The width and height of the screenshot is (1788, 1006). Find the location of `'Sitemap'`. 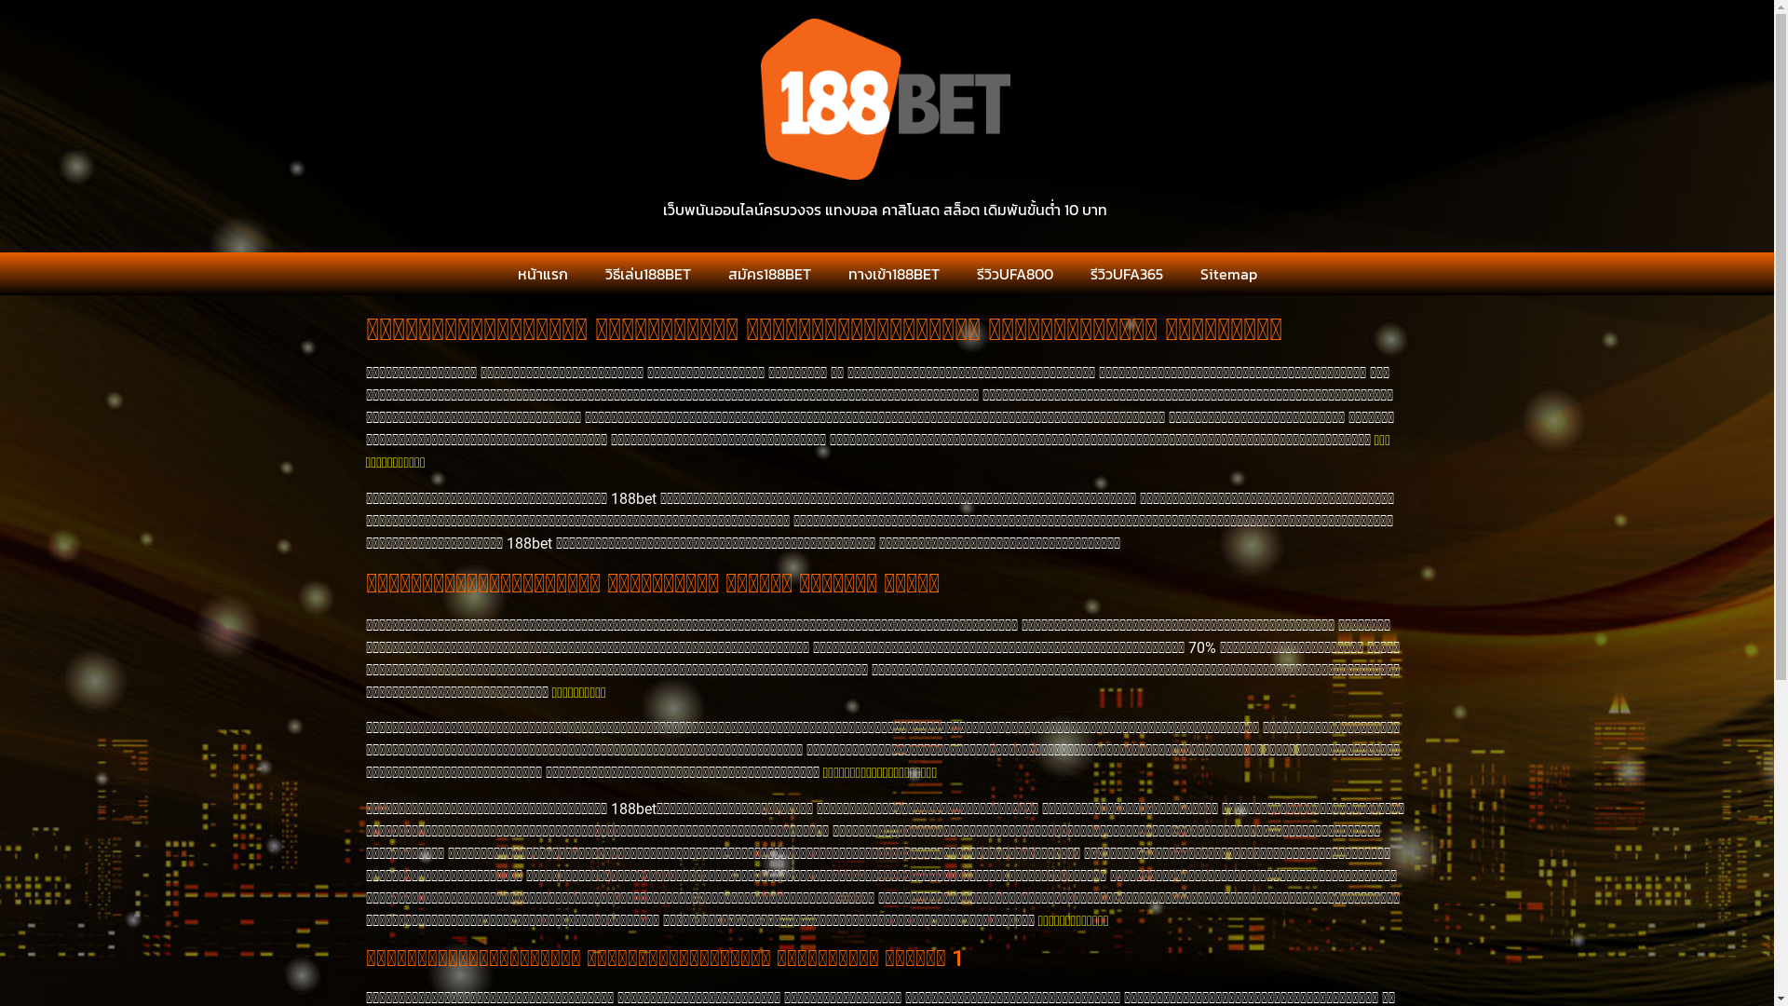

'Sitemap' is located at coordinates (1227, 273).